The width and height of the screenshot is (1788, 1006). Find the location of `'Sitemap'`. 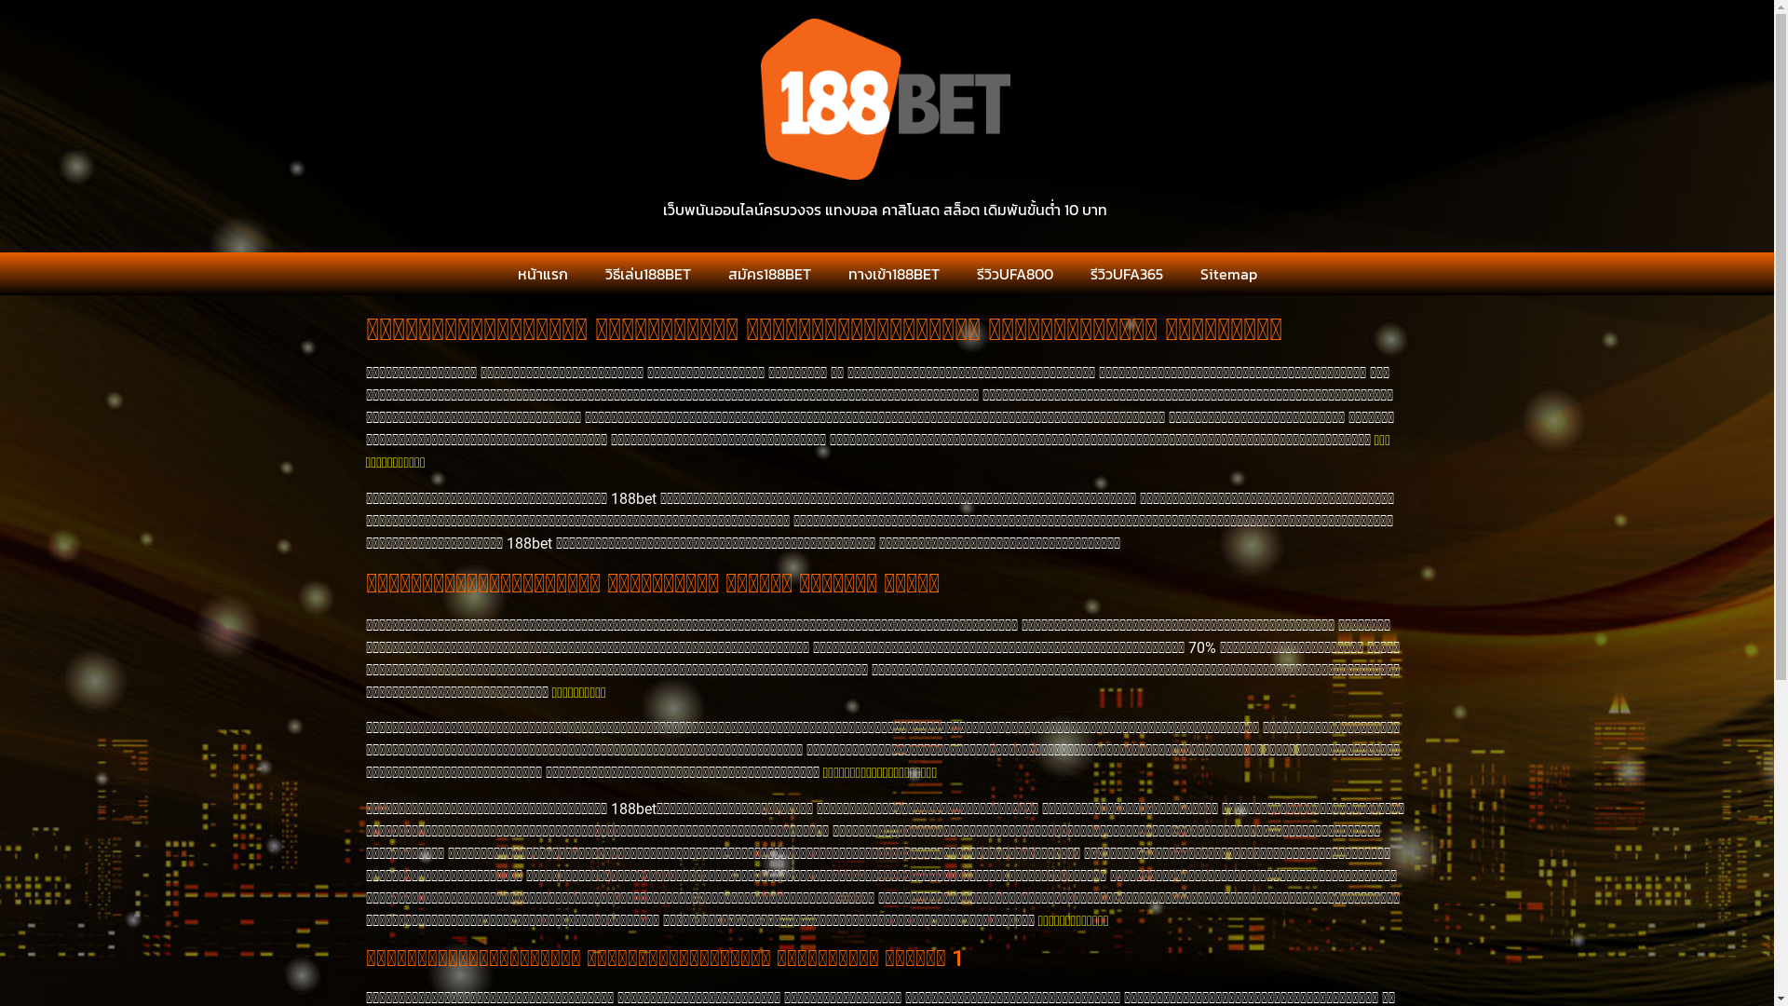

'Sitemap' is located at coordinates (1227, 273).